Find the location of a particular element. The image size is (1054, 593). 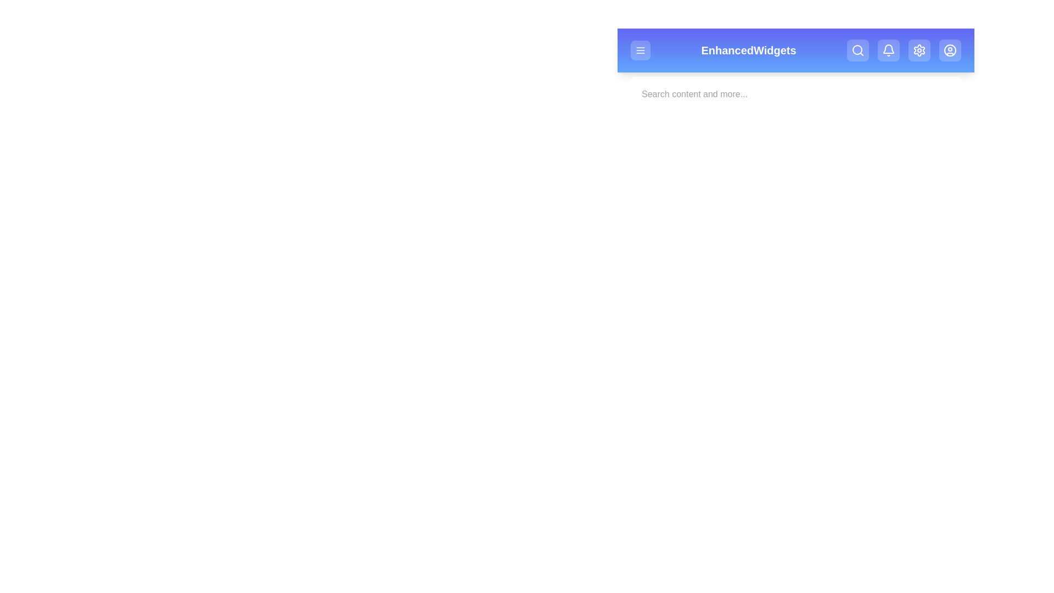

the Settings button is located at coordinates (920, 51).